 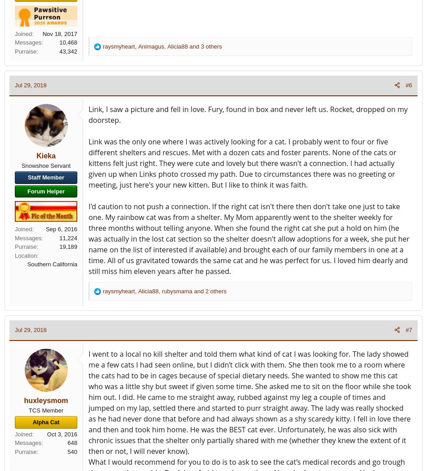 What do you see at coordinates (408, 330) in the screenshot?
I see `'#7'` at bounding box center [408, 330].